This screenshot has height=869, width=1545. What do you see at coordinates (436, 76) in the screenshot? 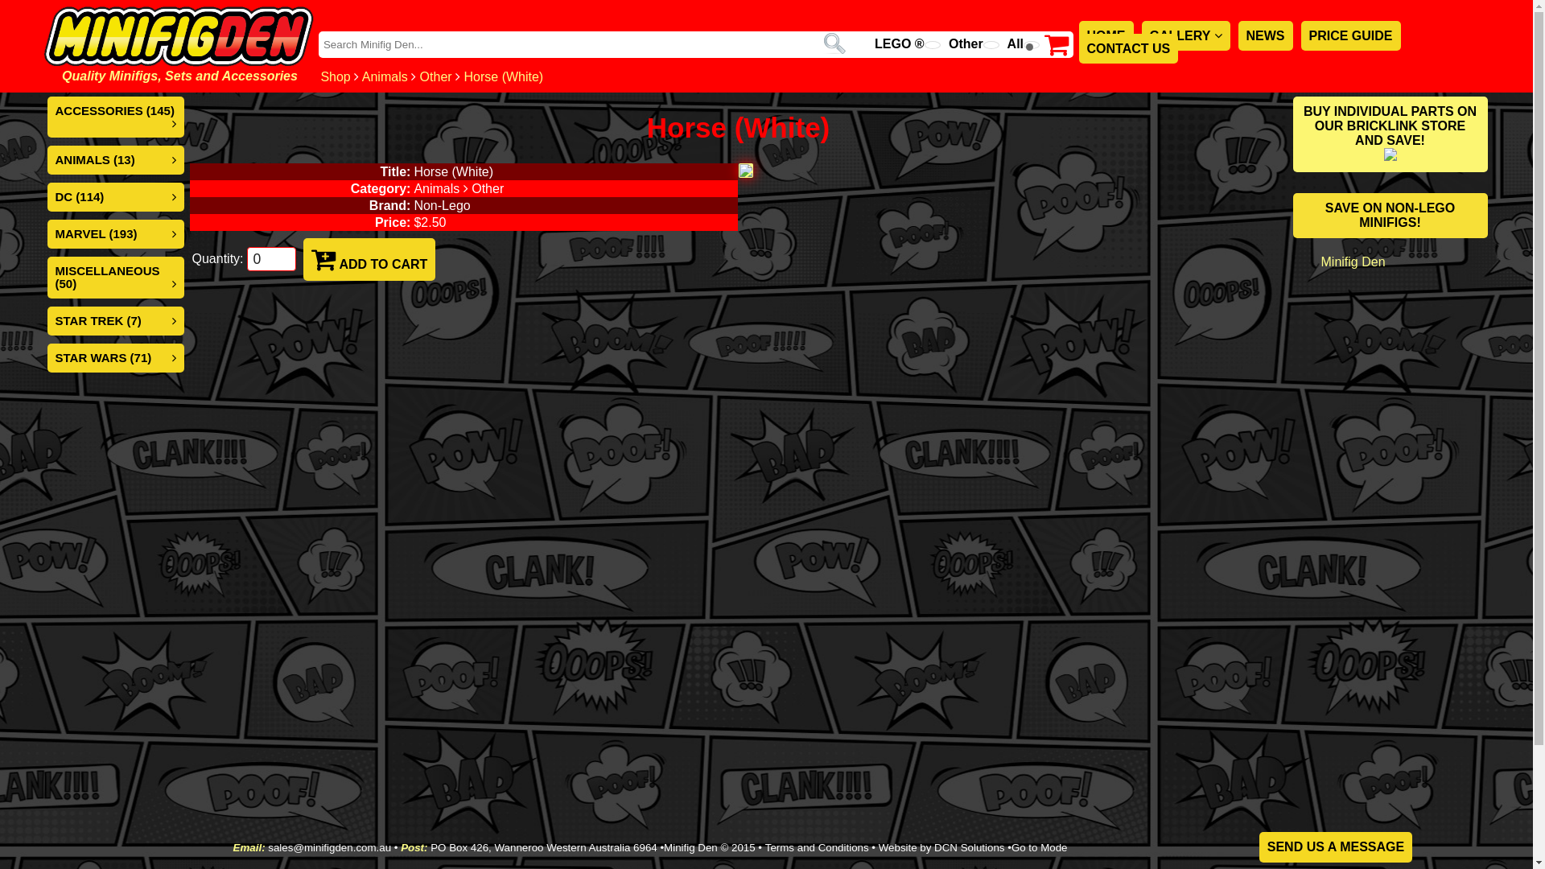
I see `'Other'` at bounding box center [436, 76].